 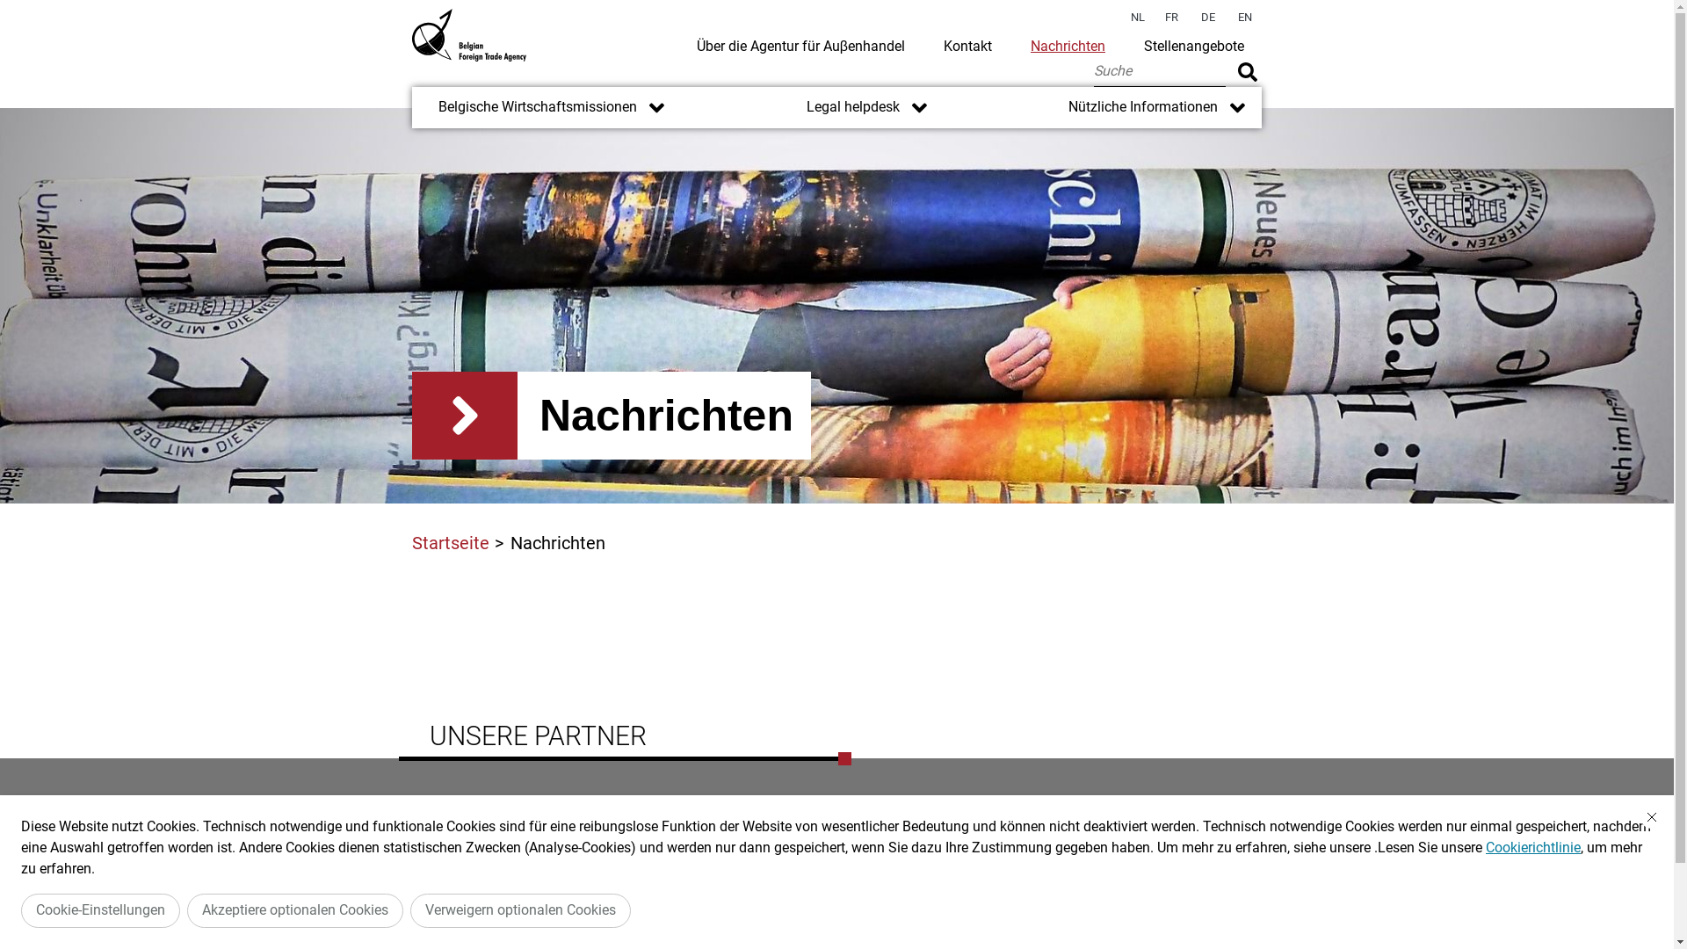 What do you see at coordinates (967, 45) in the screenshot?
I see `'Kontakt'` at bounding box center [967, 45].